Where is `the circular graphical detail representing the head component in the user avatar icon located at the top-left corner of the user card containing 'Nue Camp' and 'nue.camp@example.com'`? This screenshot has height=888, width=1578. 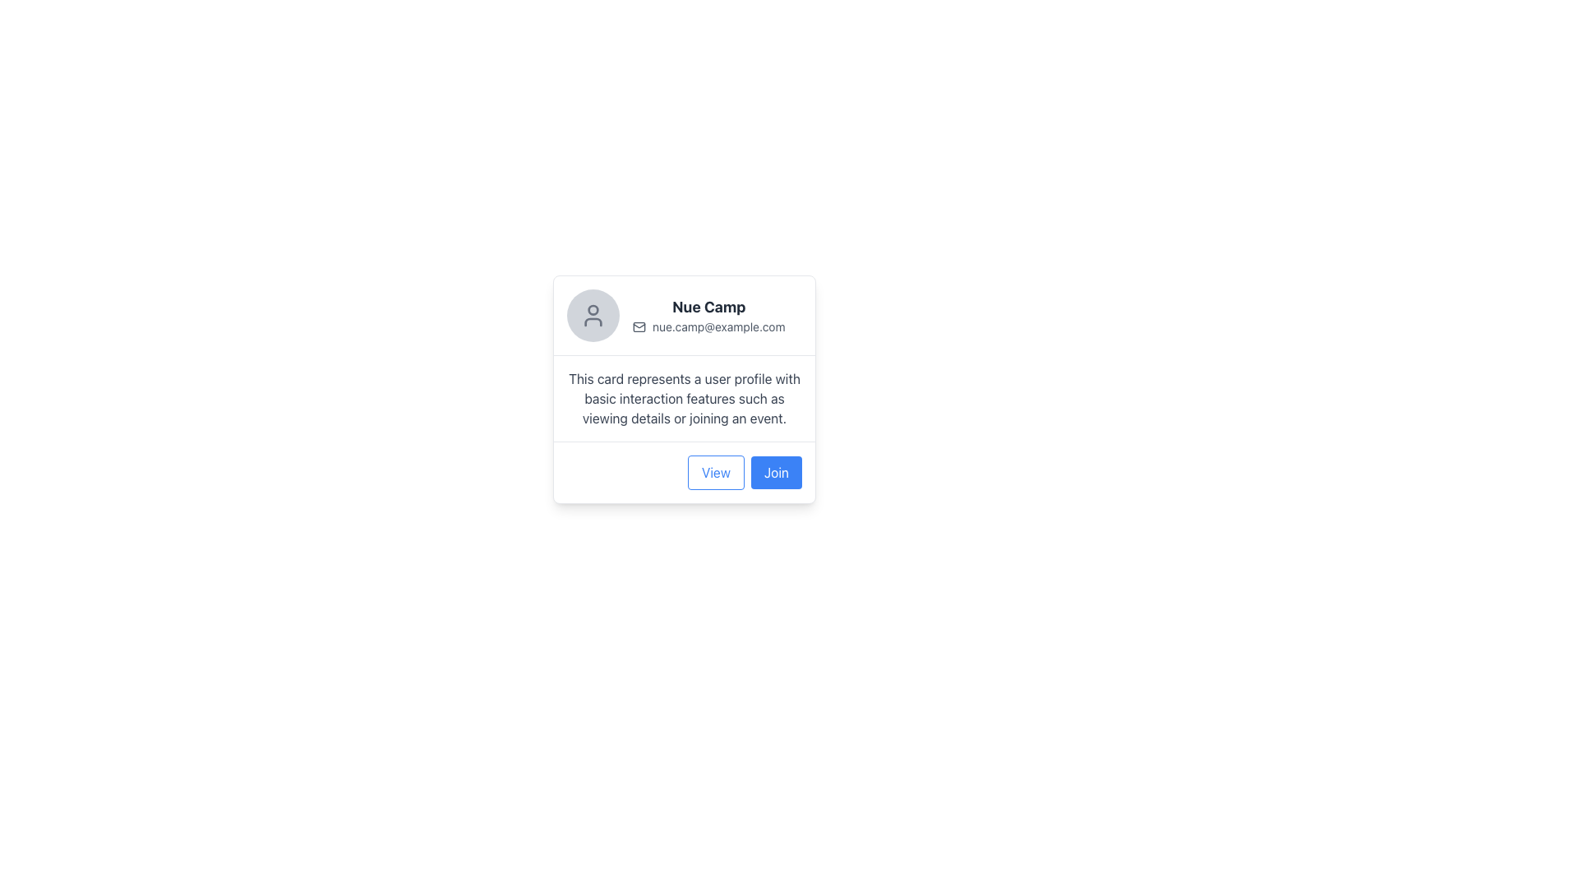
the circular graphical detail representing the head component in the user avatar icon located at the top-left corner of the user card containing 'Nue Camp' and 'nue.camp@example.com' is located at coordinates (592, 310).